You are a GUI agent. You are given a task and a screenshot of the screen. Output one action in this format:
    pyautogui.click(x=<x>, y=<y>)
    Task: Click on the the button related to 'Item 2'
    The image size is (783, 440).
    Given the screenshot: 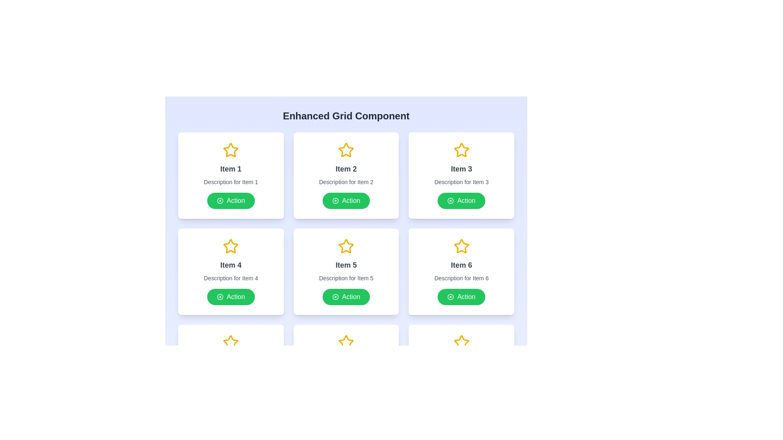 What is the action you would take?
    pyautogui.click(x=346, y=201)
    